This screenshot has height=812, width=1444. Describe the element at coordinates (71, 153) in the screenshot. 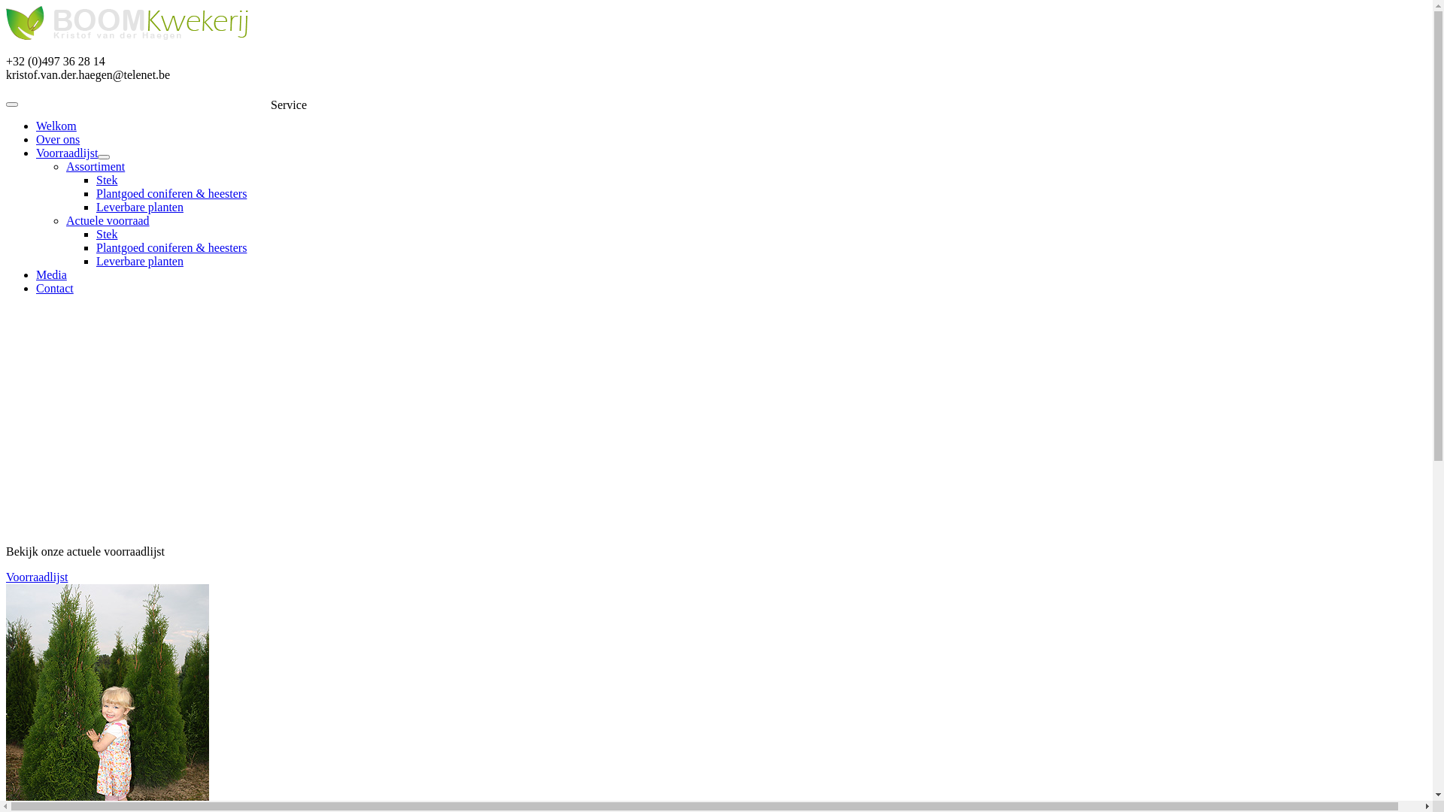

I see `'Voorraadlijst'` at that location.